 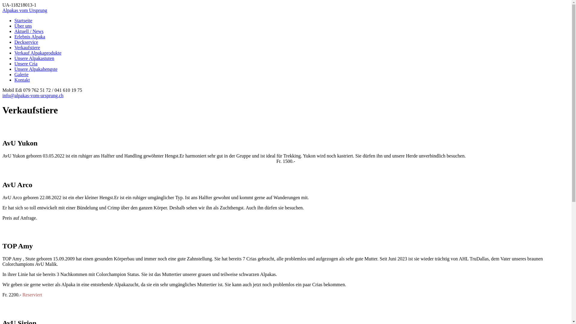 What do you see at coordinates (27, 47) in the screenshot?
I see `'Verkaufstiere'` at bounding box center [27, 47].